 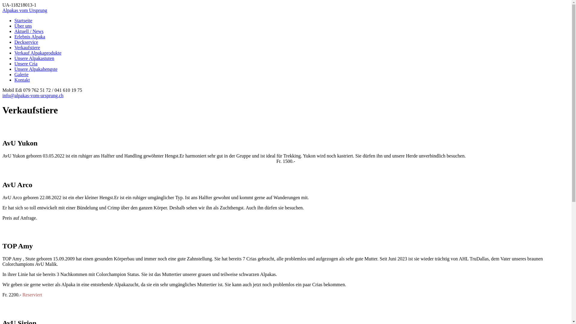 What do you see at coordinates (27, 47) in the screenshot?
I see `'Verkaufstiere'` at bounding box center [27, 47].